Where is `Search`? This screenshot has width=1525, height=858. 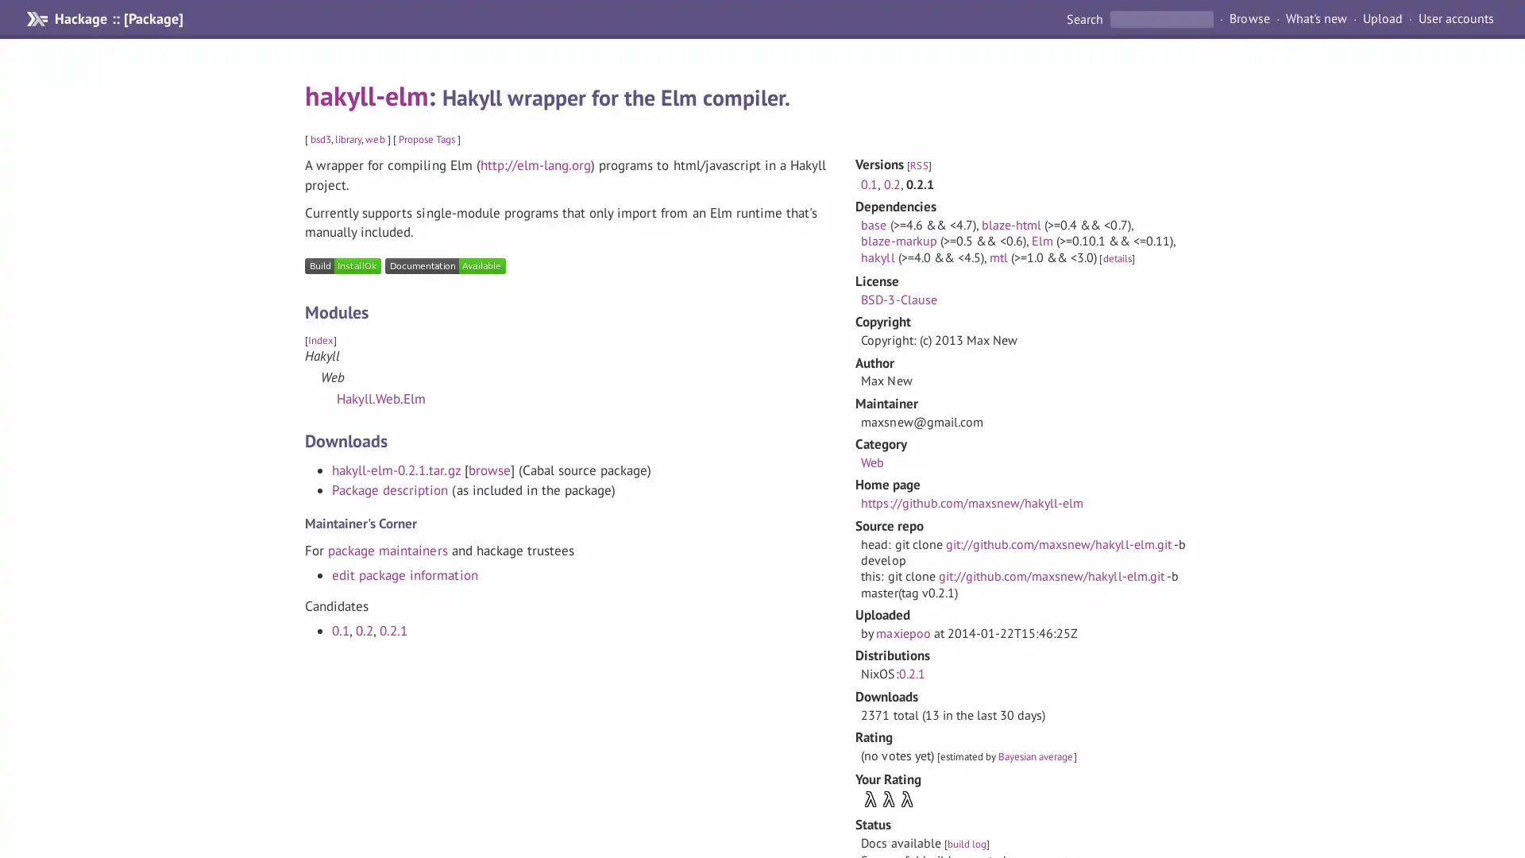 Search is located at coordinates (1085, 18).